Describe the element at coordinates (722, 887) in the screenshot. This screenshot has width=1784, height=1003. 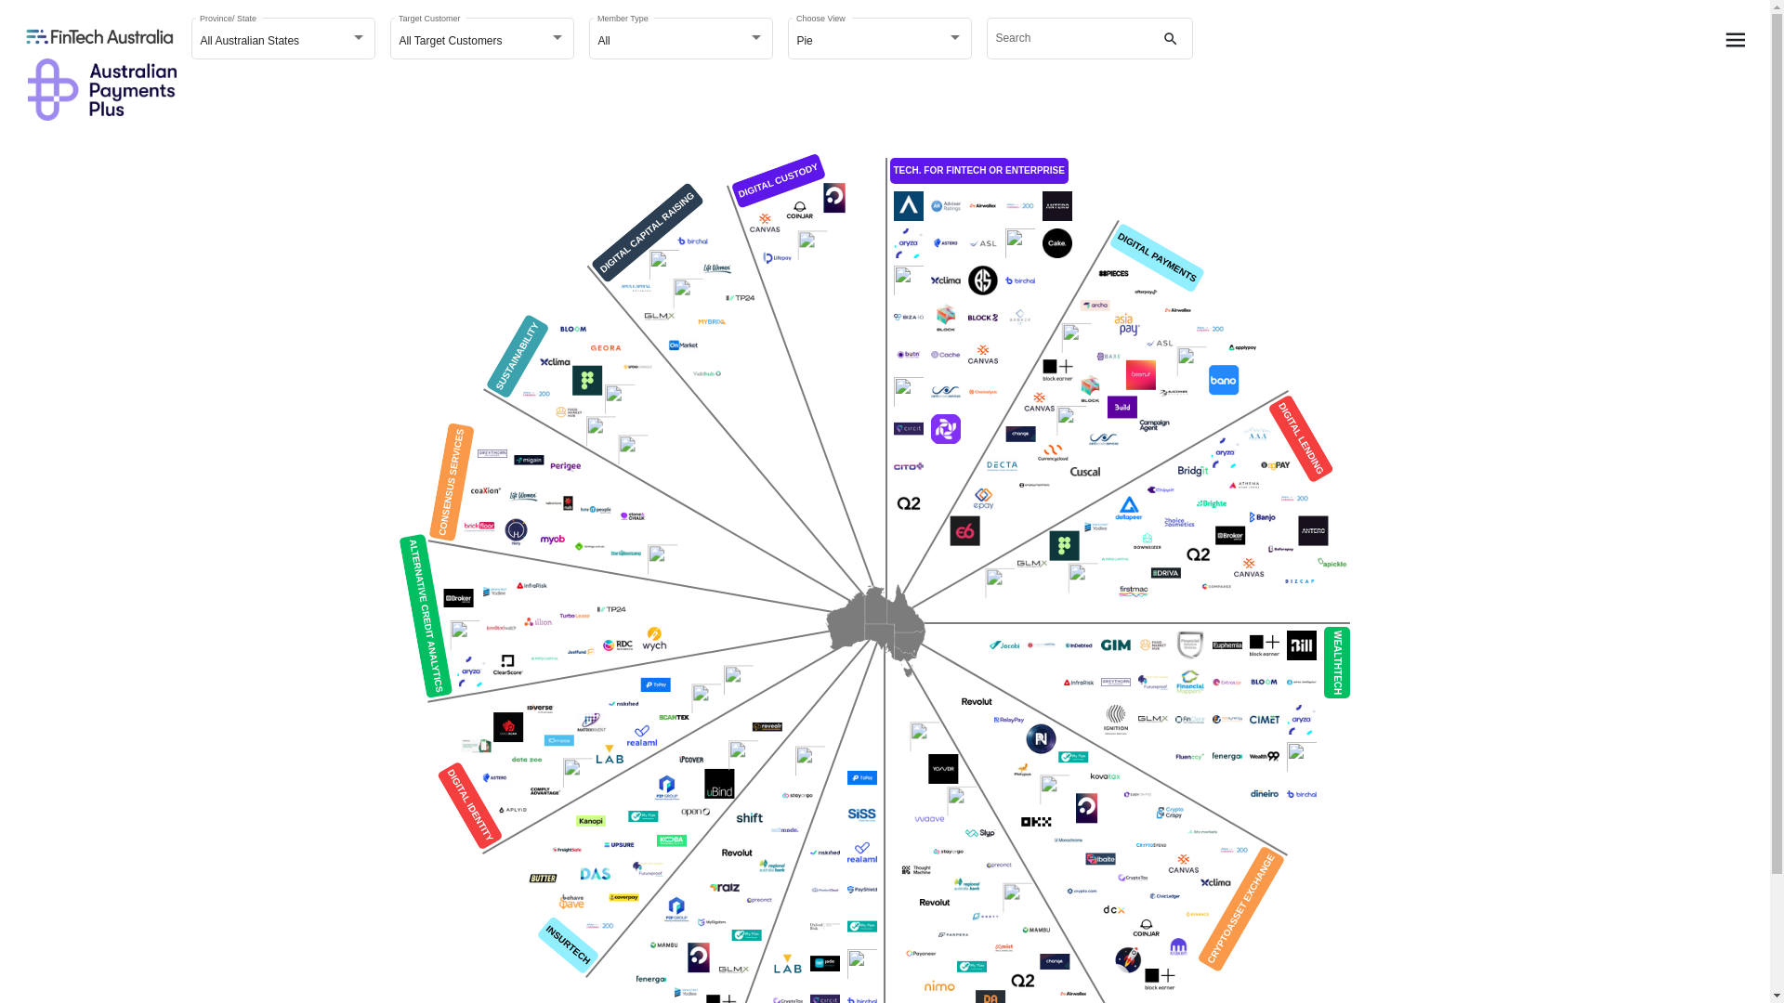
I see `'Raiz Invest Australia Limited'` at that location.